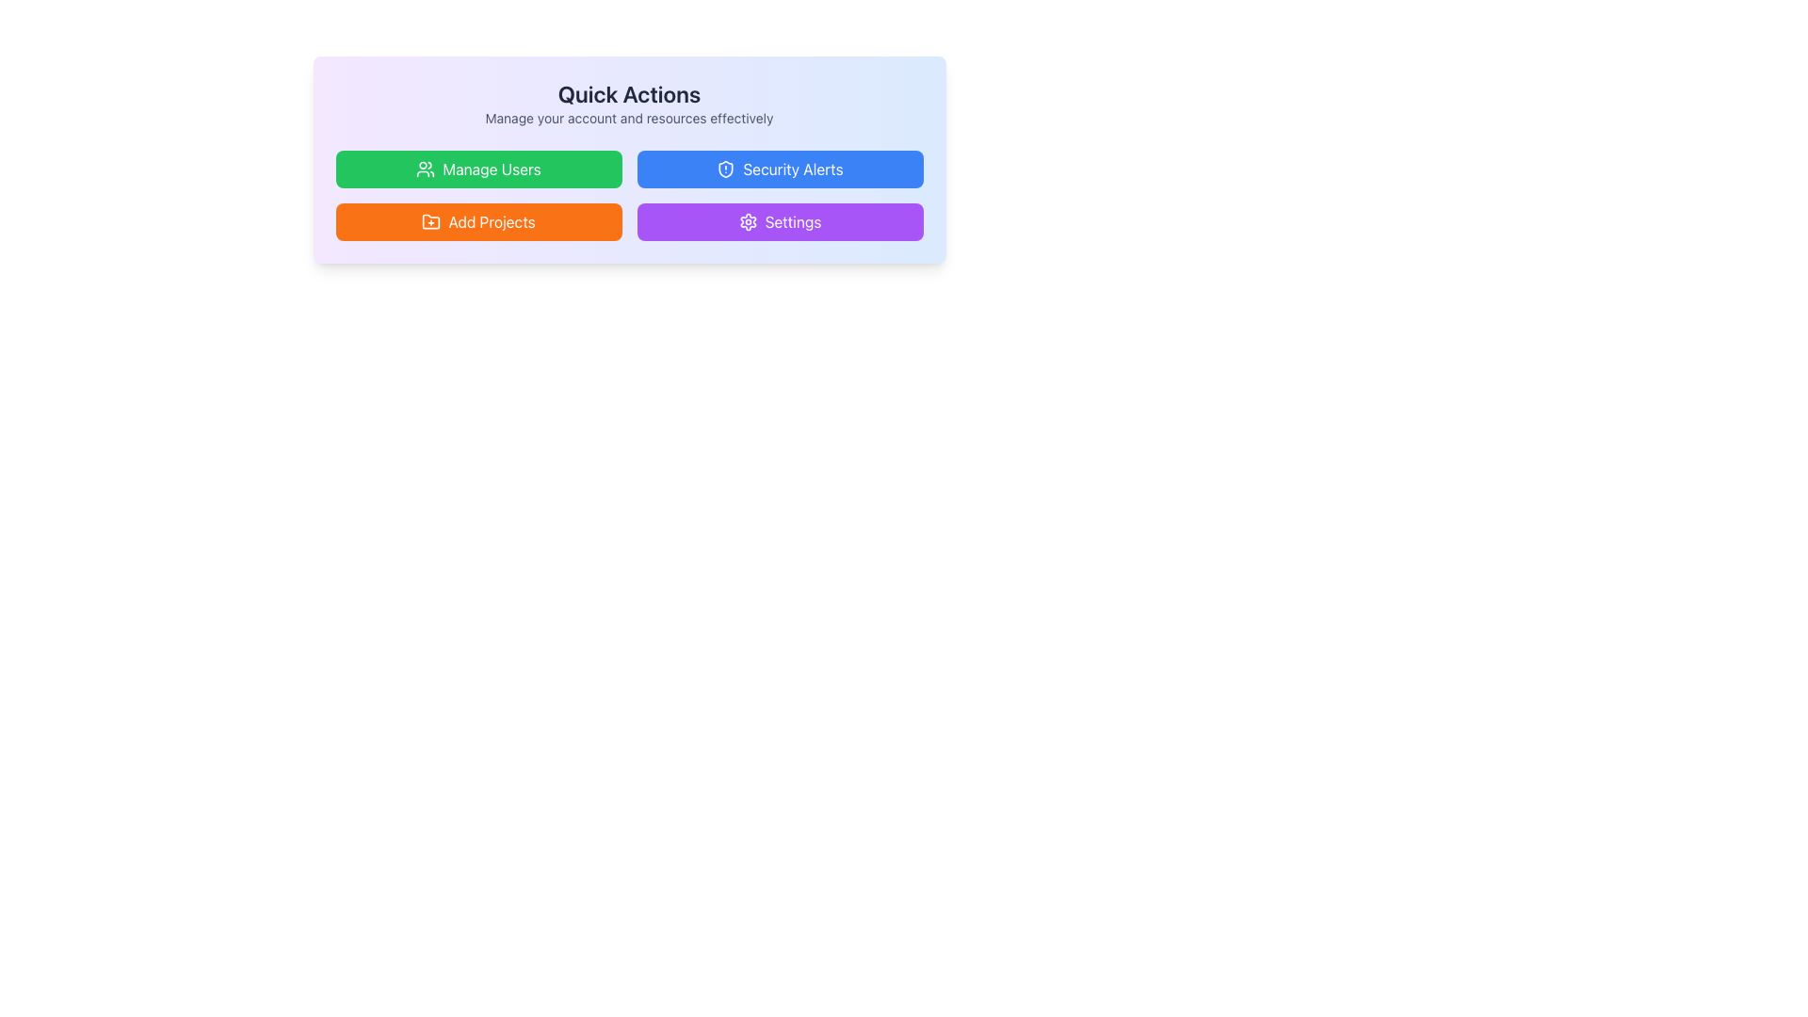 The width and height of the screenshot is (1808, 1017). Describe the element at coordinates (725, 169) in the screenshot. I see `the shield icon that signifies security or alerts, located to the left of the 'Security Alerts' button in the 'Quick Actions' grid` at that location.